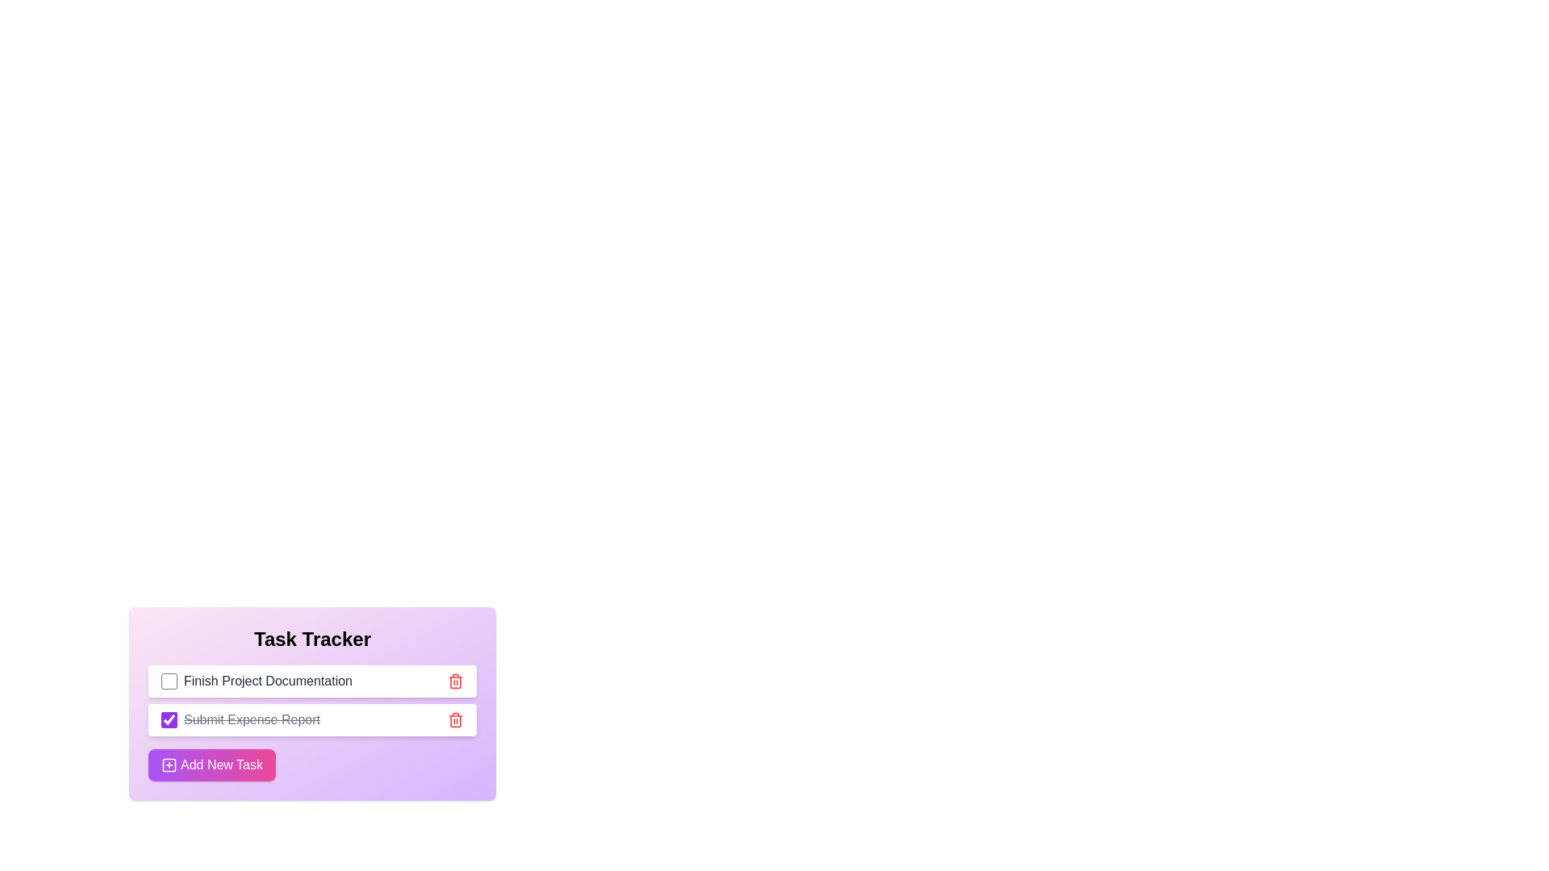 This screenshot has width=1549, height=871. What do you see at coordinates (312, 719) in the screenshot?
I see `the checkbox in the second task entry under the 'Task Tracker' header` at bounding box center [312, 719].